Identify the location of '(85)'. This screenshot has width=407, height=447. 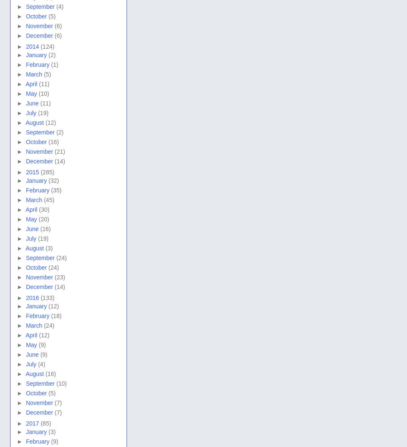
(40, 423).